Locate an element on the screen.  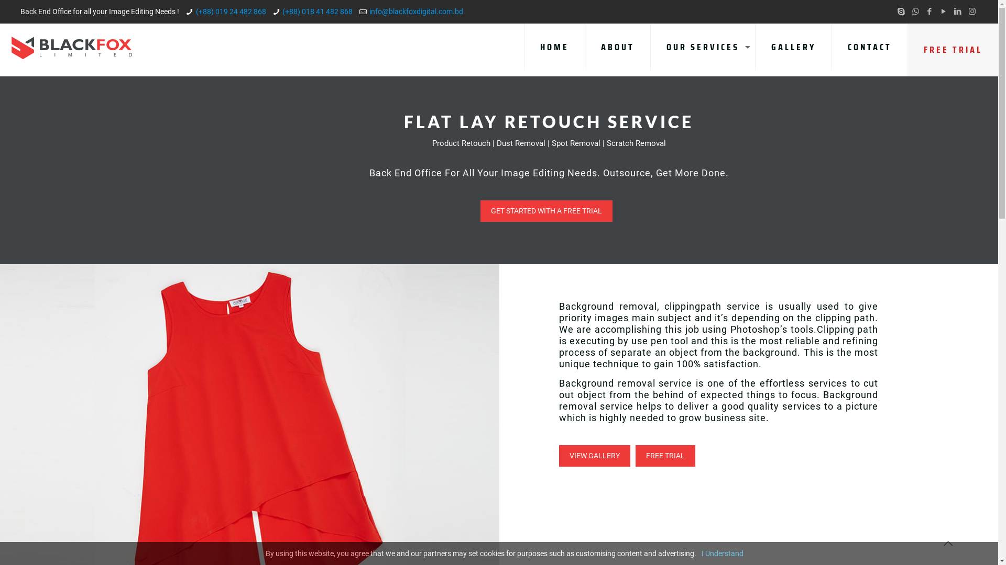
'FREE TRIAL' is located at coordinates (665, 455).